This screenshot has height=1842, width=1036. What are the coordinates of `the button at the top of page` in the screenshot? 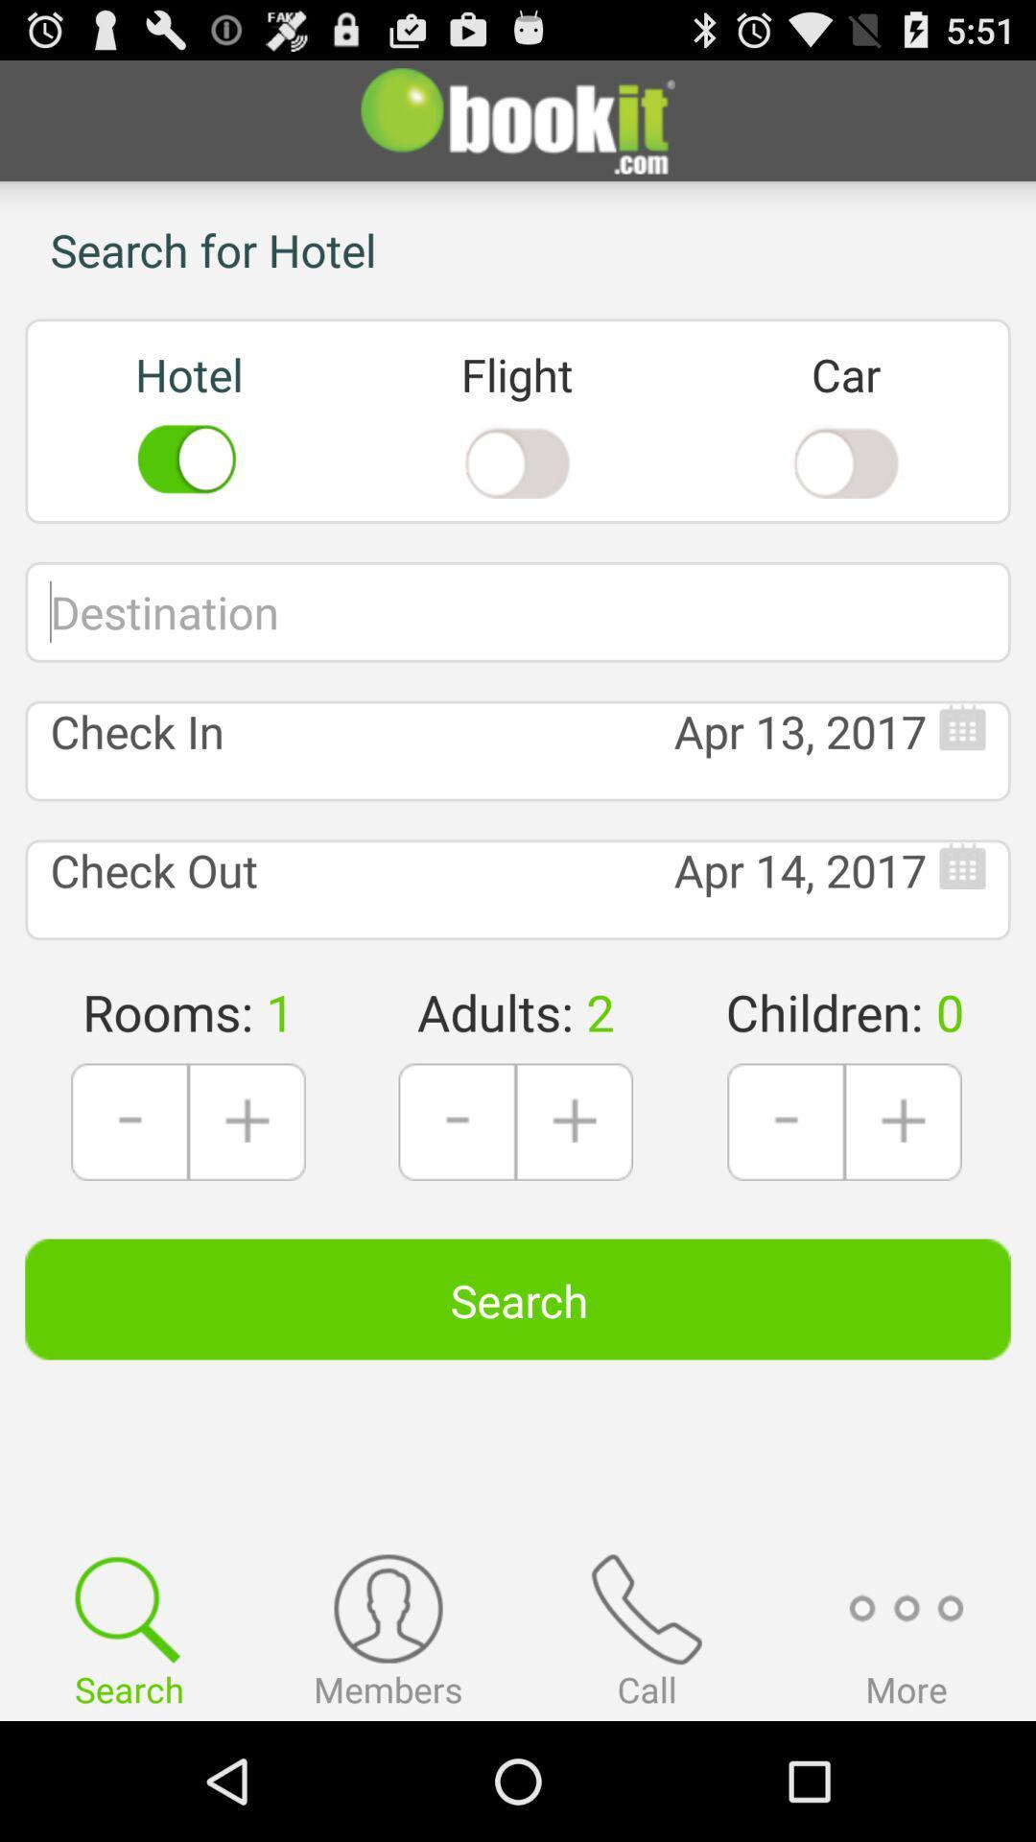 It's located at (518, 119).